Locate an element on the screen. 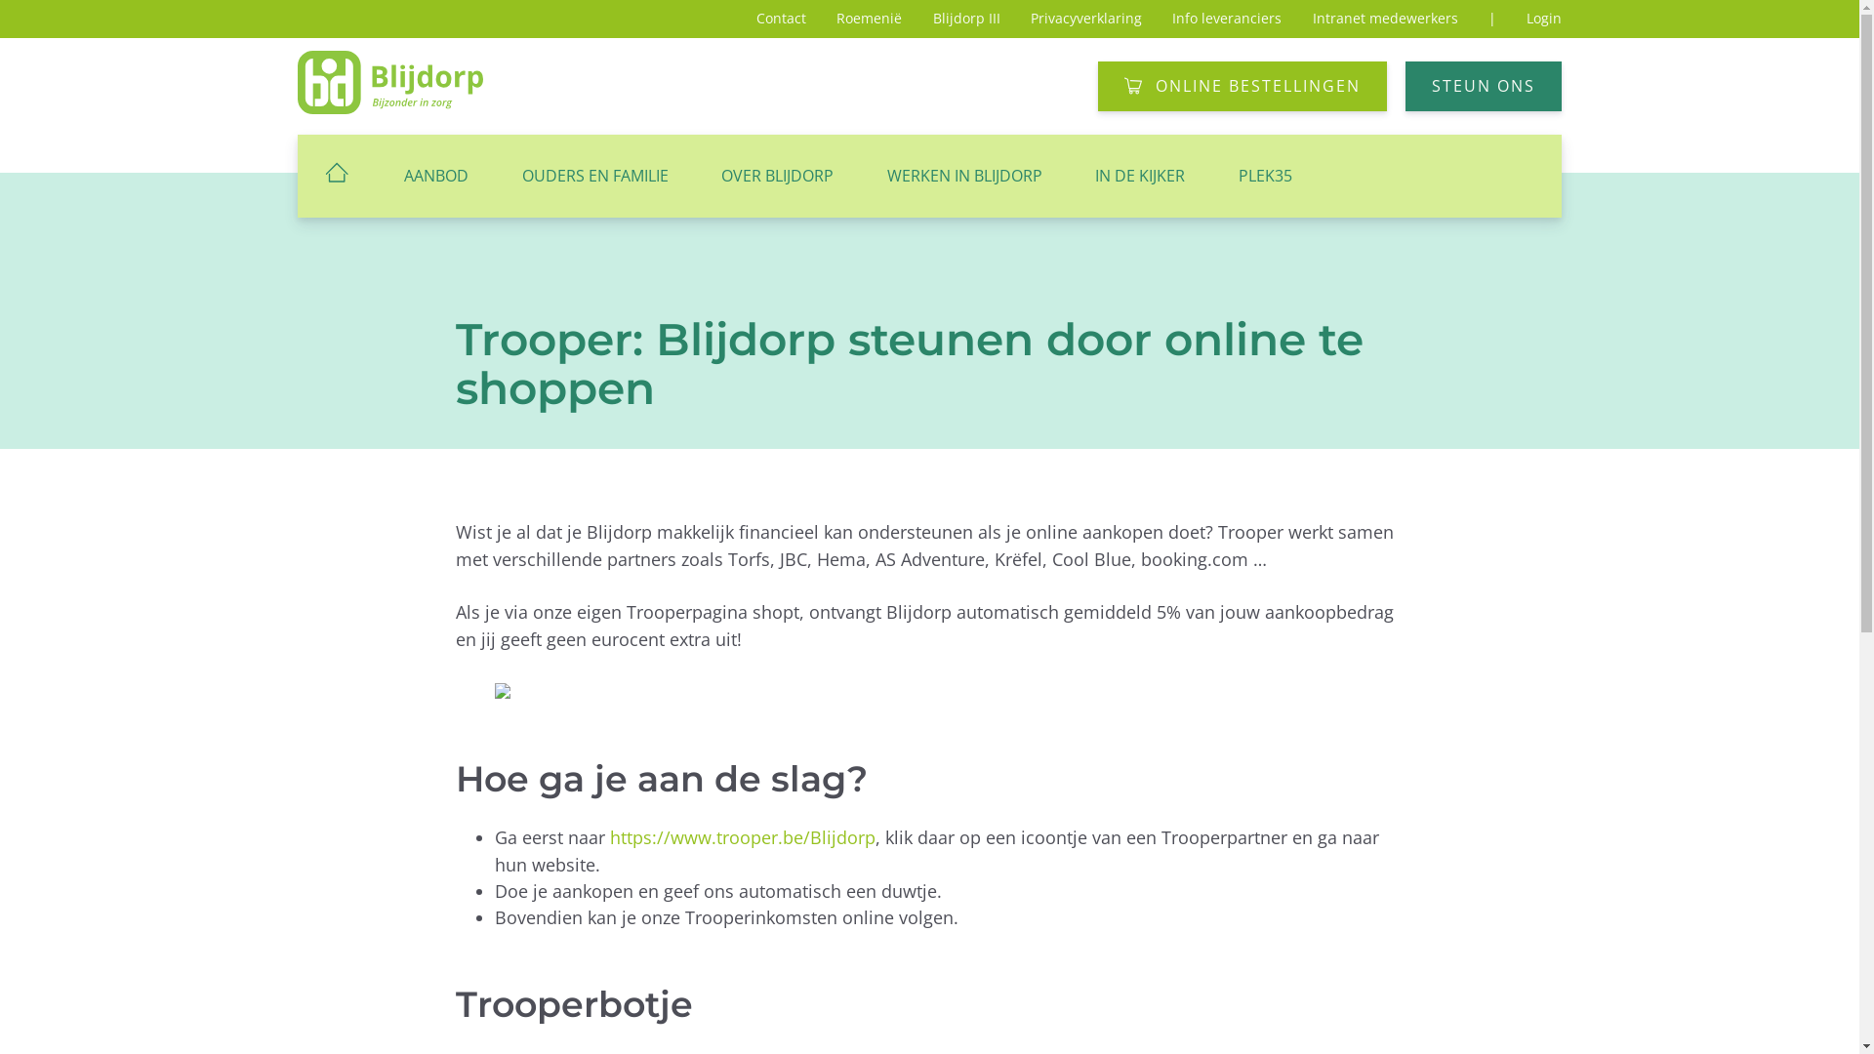 The height and width of the screenshot is (1054, 1874). 'https://www.trooper.be/Blijdorp' is located at coordinates (608, 835).